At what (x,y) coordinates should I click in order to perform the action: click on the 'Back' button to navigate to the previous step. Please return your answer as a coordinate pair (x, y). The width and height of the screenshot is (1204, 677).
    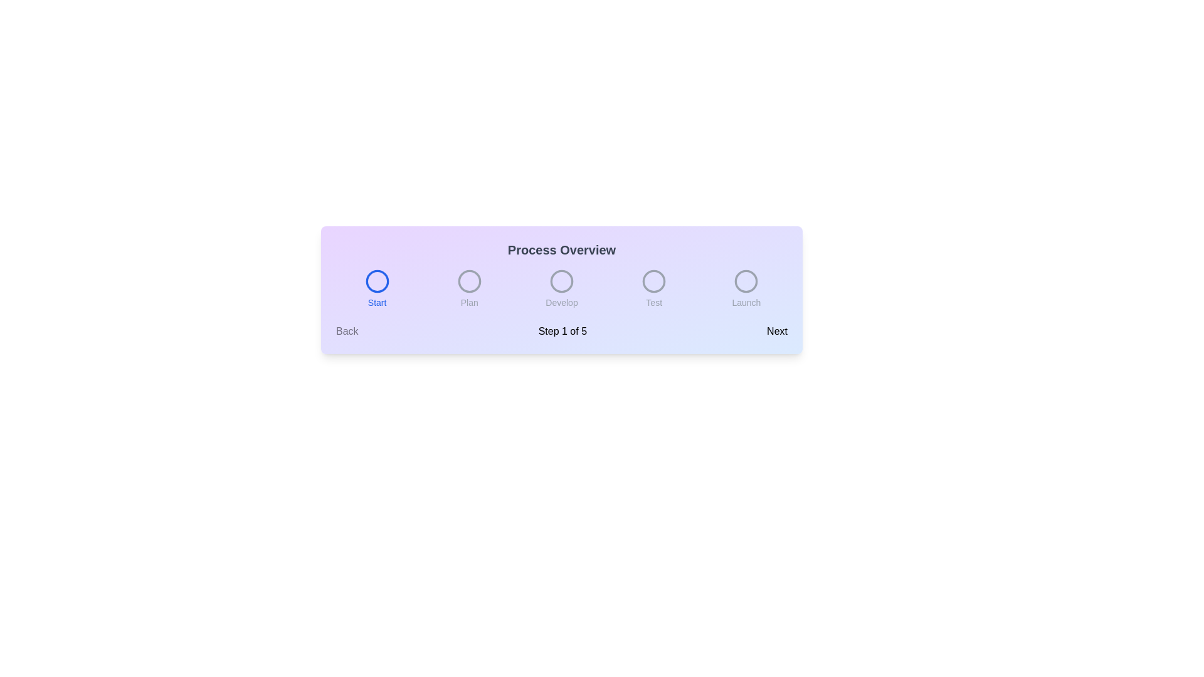
    Looking at the image, I should click on (346, 330).